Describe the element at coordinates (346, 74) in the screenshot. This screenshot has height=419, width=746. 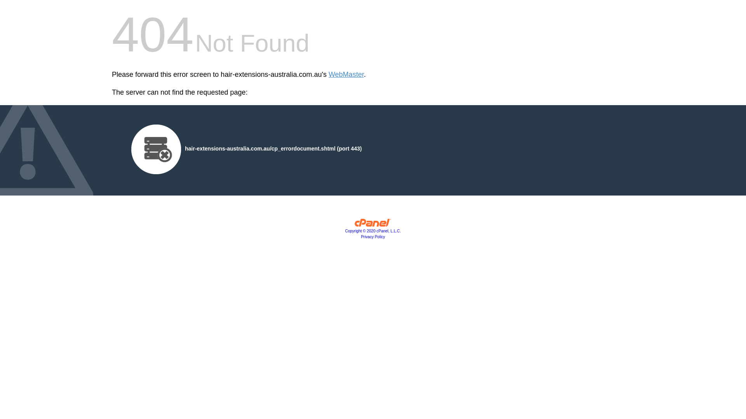
I see `'WebMaster'` at that location.